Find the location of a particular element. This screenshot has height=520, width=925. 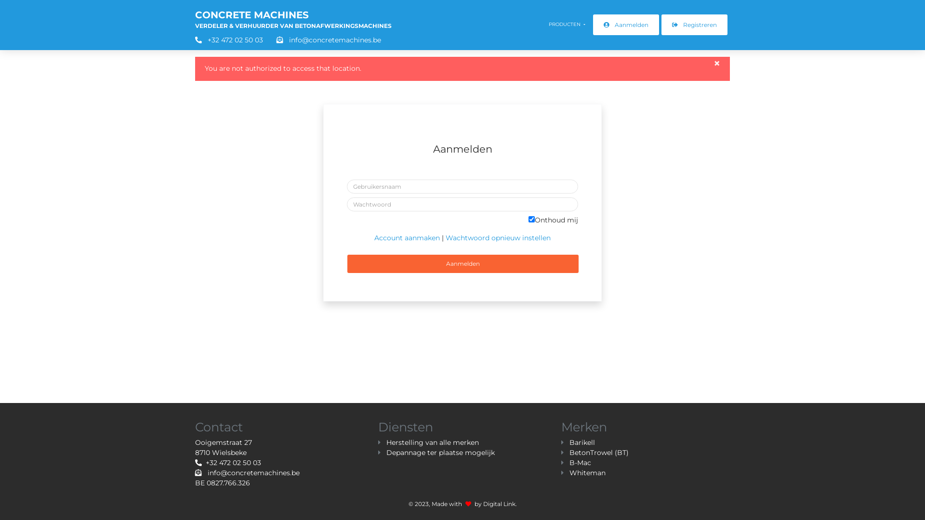

'Account aanmaken' is located at coordinates (374, 237).